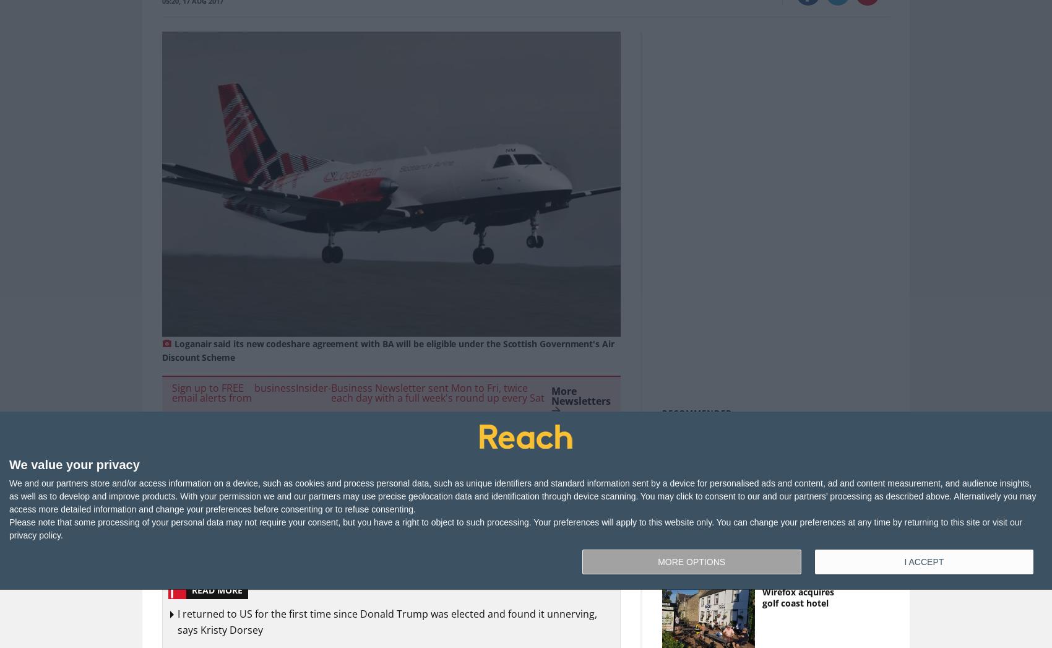 This screenshot has height=648, width=1052. I want to click on 'Recommended', so click(697, 412).